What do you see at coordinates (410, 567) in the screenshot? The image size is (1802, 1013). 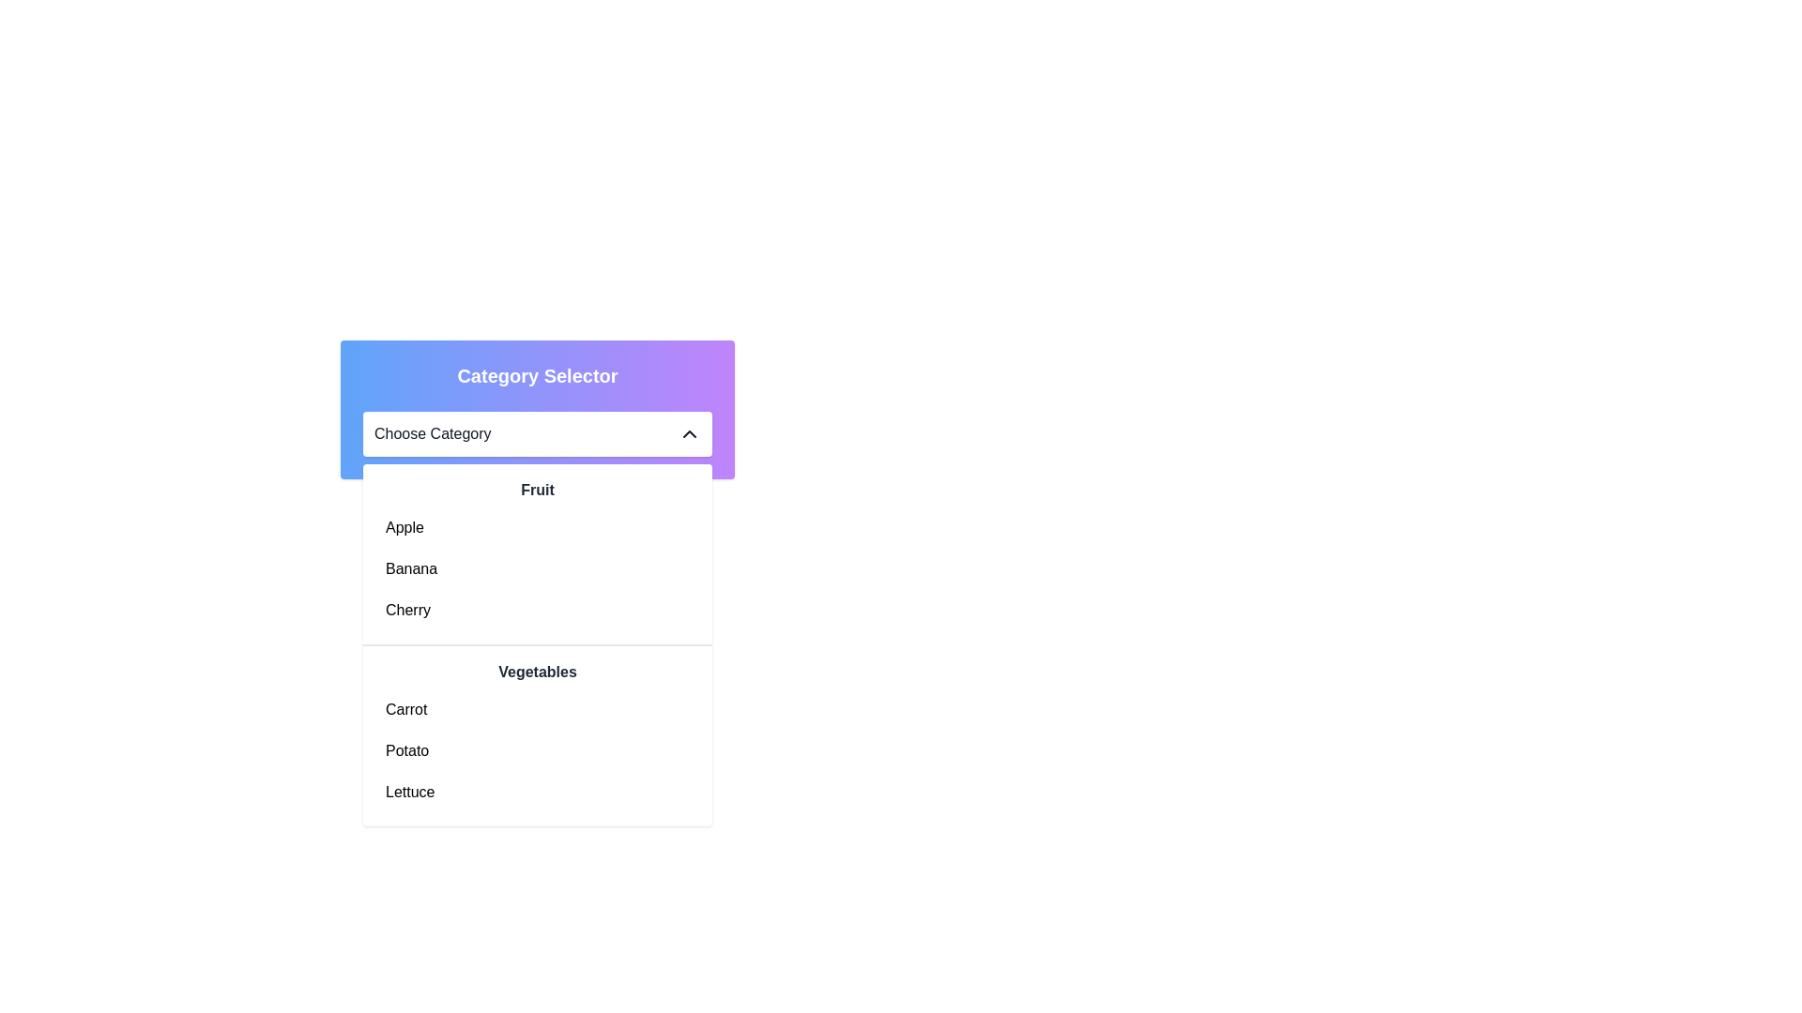 I see `the text item 'Banana' in the dropdown menu` at bounding box center [410, 567].